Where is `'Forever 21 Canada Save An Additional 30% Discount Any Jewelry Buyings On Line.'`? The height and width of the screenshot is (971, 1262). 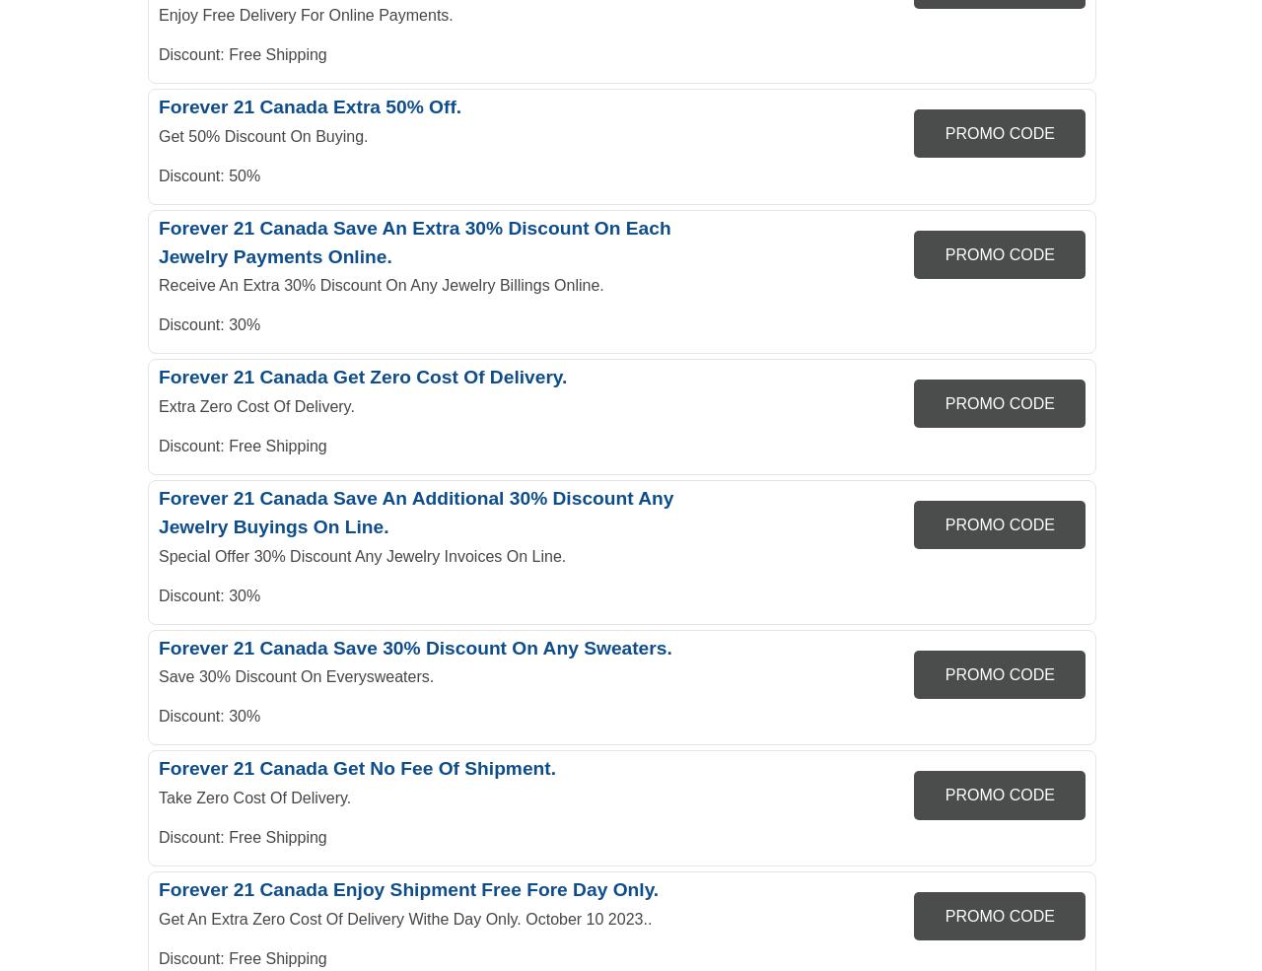
'Forever 21 Canada Save An Additional 30% Discount Any Jewelry Buyings On Line.' is located at coordinates (415, 512).